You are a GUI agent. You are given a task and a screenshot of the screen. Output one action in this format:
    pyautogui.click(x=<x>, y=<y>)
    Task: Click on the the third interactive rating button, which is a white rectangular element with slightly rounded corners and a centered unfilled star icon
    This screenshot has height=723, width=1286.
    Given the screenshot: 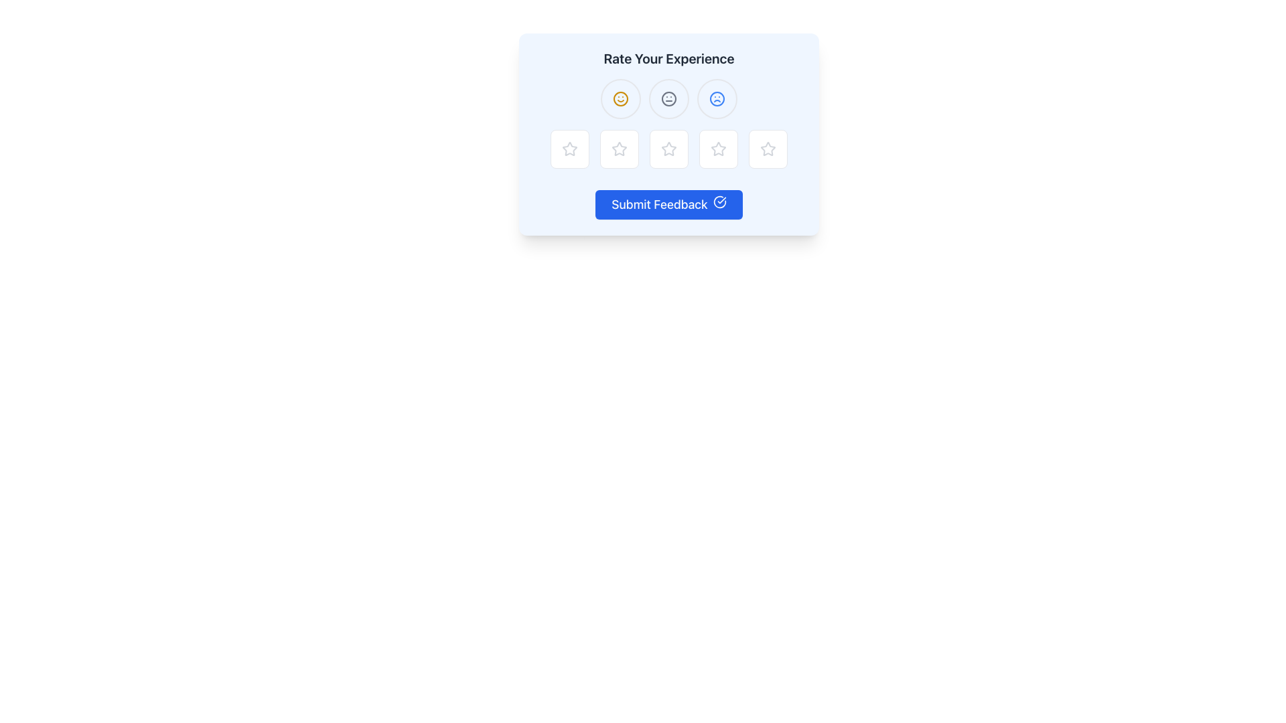 What is the action you would take?
    pyautogui.click(x=668, y=149)
    